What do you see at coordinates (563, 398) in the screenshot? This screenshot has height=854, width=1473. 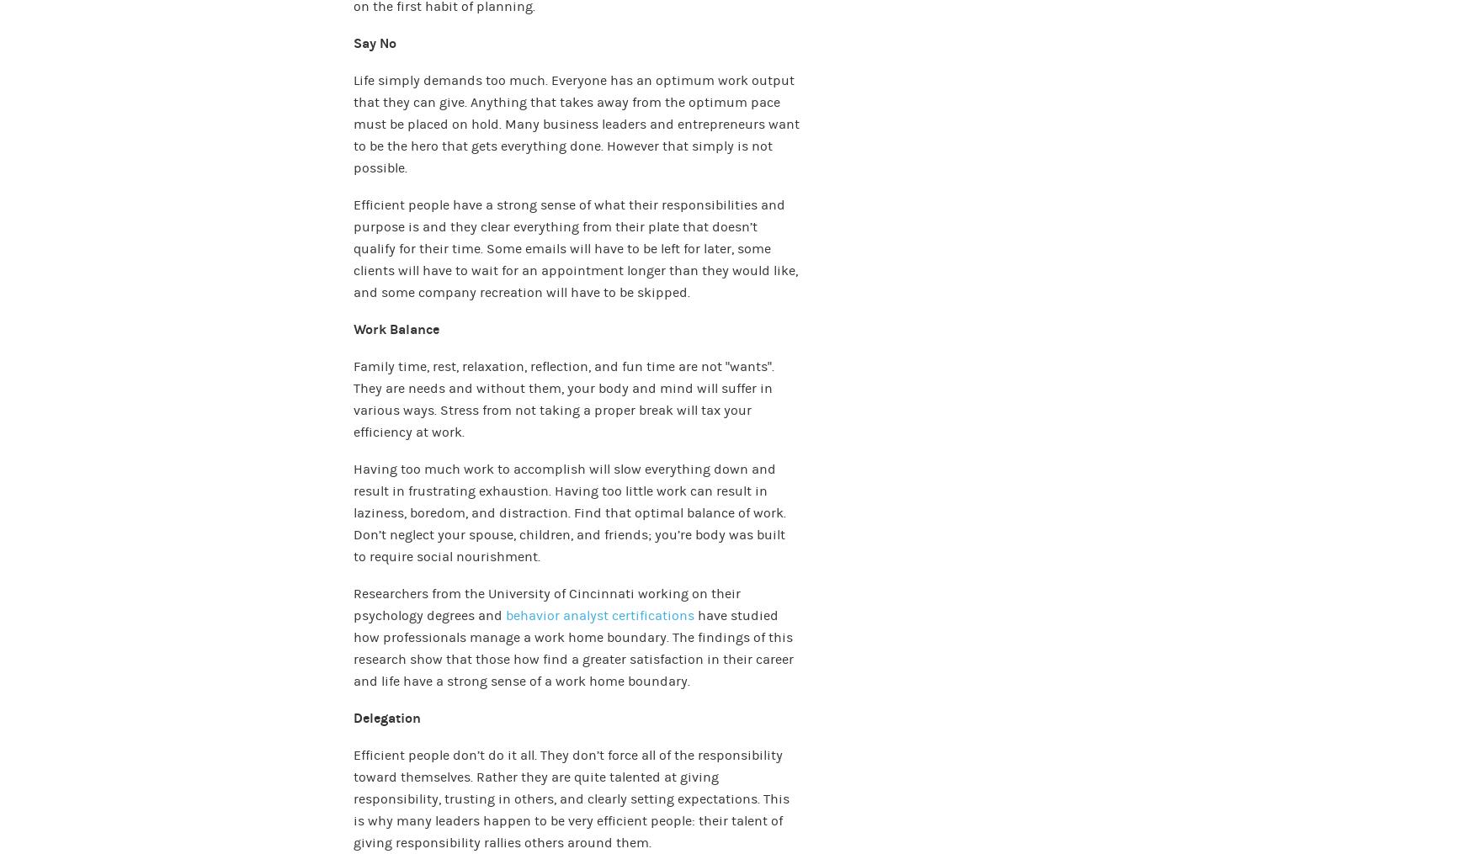 I see `'Family time, rest, relaxation, reflection, and fun time are not “wants”. They are needs and without them, your body and mind will suffer in various ways. Stress from not taking a proper break will tax your efficiency at work.'` at bounding box center [563, 398].